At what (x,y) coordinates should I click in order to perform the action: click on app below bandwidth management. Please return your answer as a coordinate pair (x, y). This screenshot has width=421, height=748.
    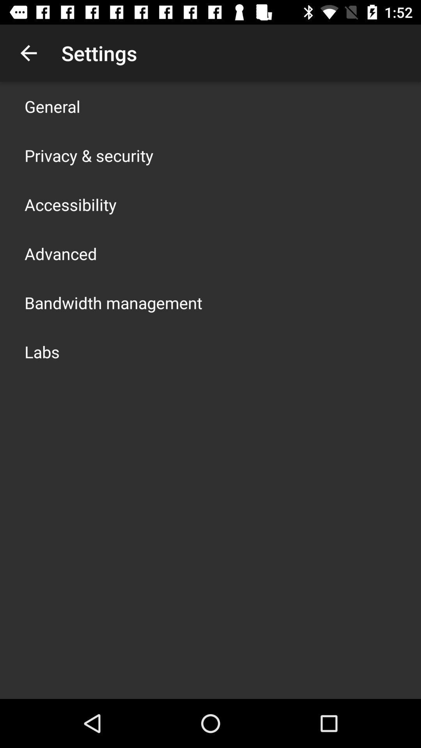
    Looking at the image, I should click on (42, 351).